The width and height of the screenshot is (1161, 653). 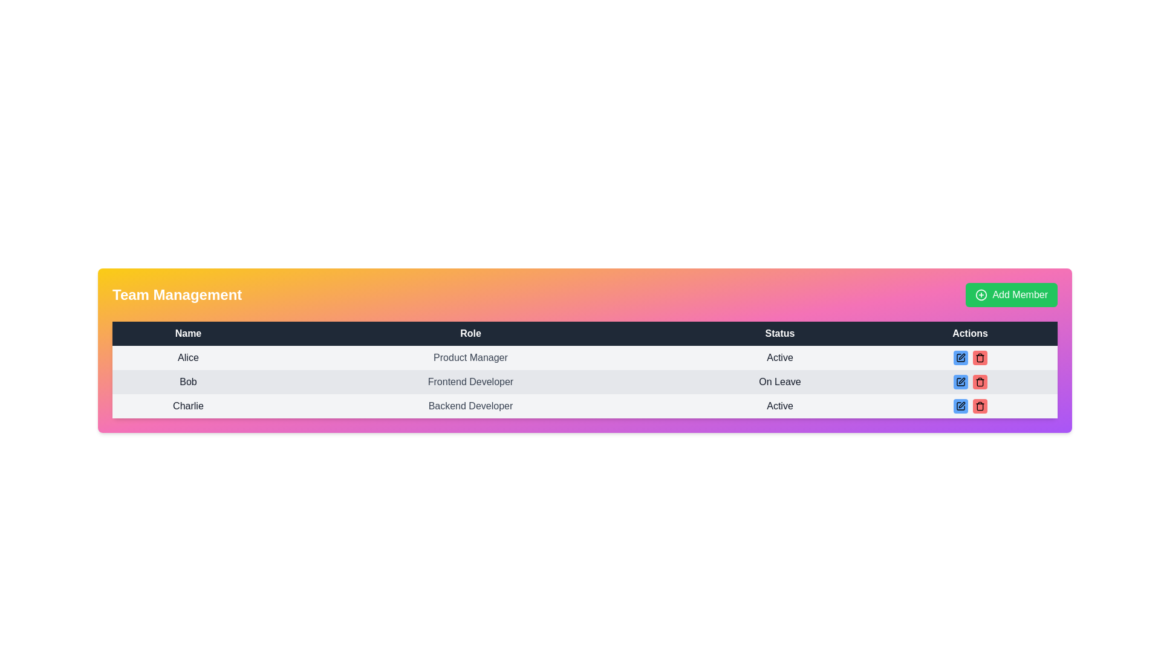 I want to click on the edit button located in the 'Actions' column of the bottom row of the table for the entry corresponding to 'Charlie', so click(x=960, y=406).